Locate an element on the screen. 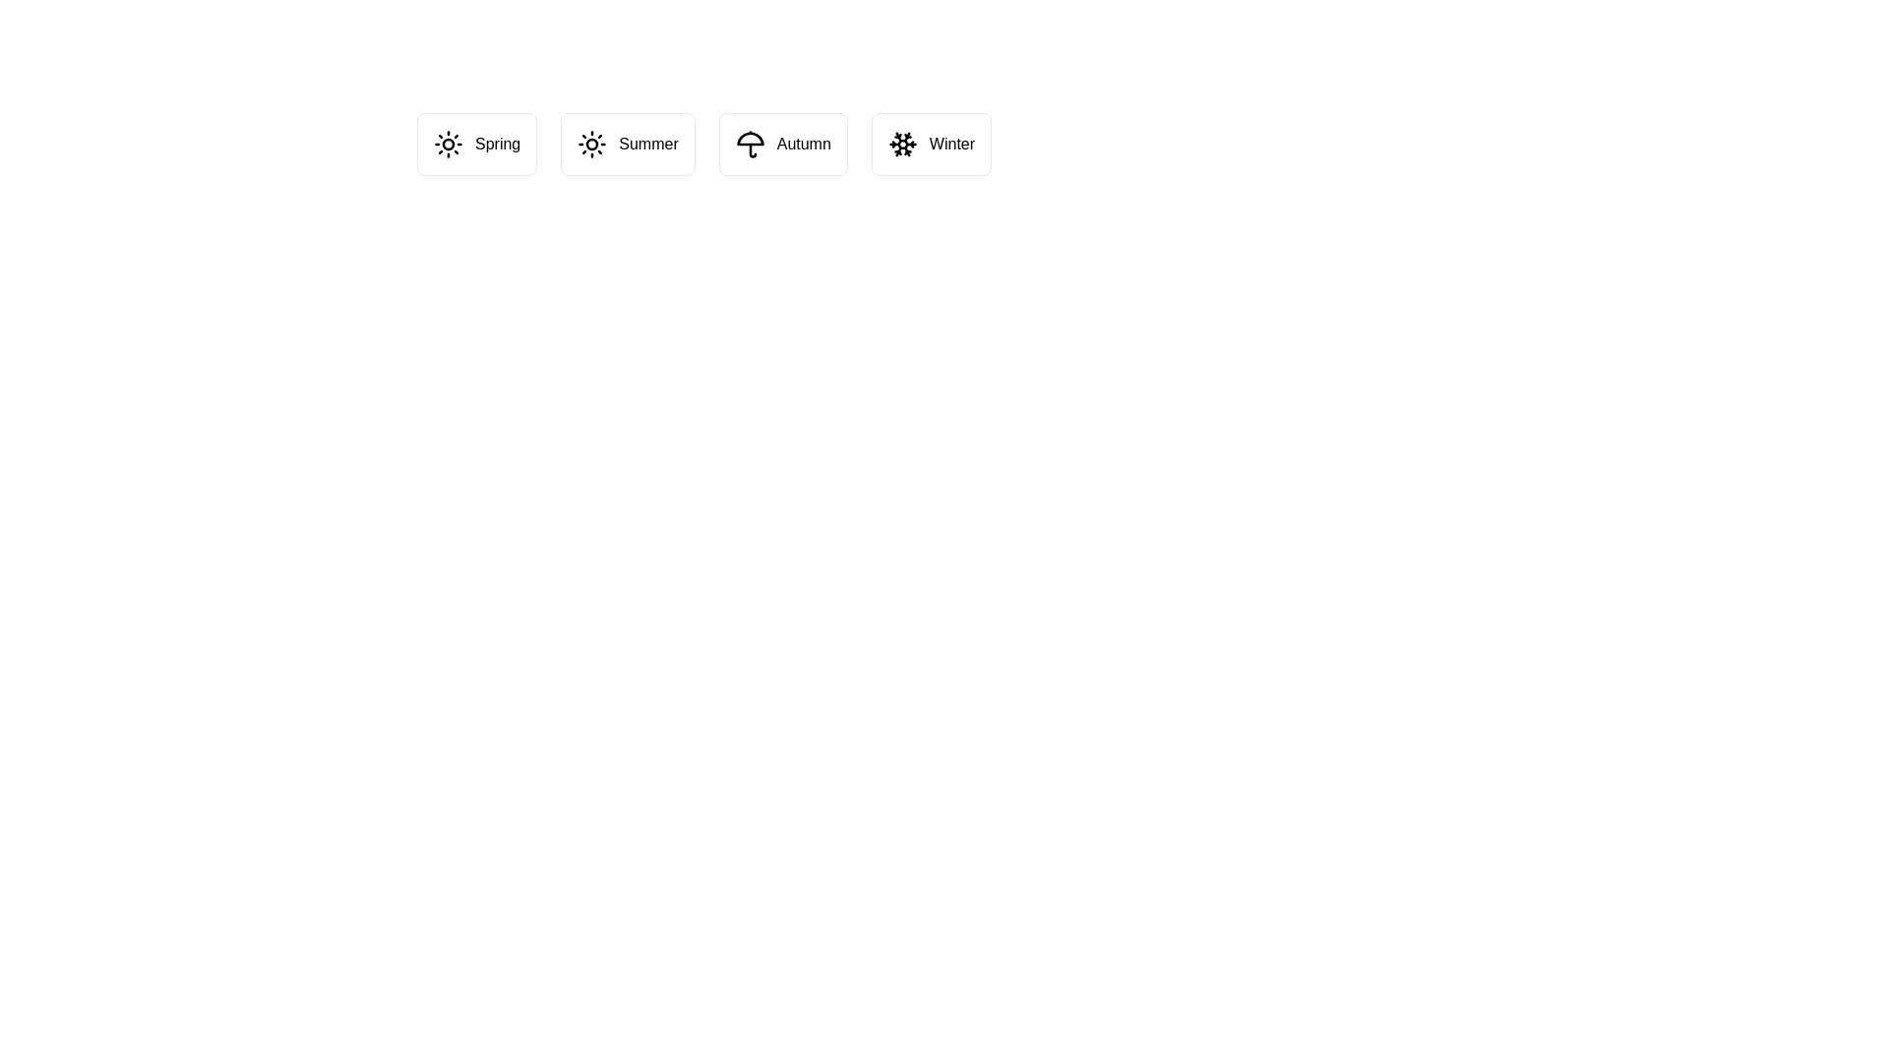 The image size is (1889, 1062). the first button in a row of four, which has a sun icon on the left and the text 'Spring' in bold black letters is located at coordinates (477, 143).